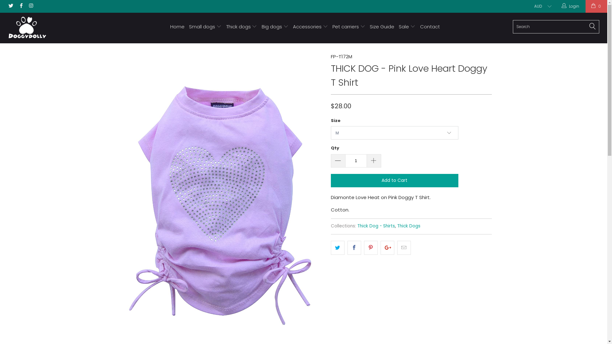 The width and height of the screenshot is (612, 344). Describe the element at coordinates (354, 247) in the screenshot. I see `'Share this on Facebook'` at that location.